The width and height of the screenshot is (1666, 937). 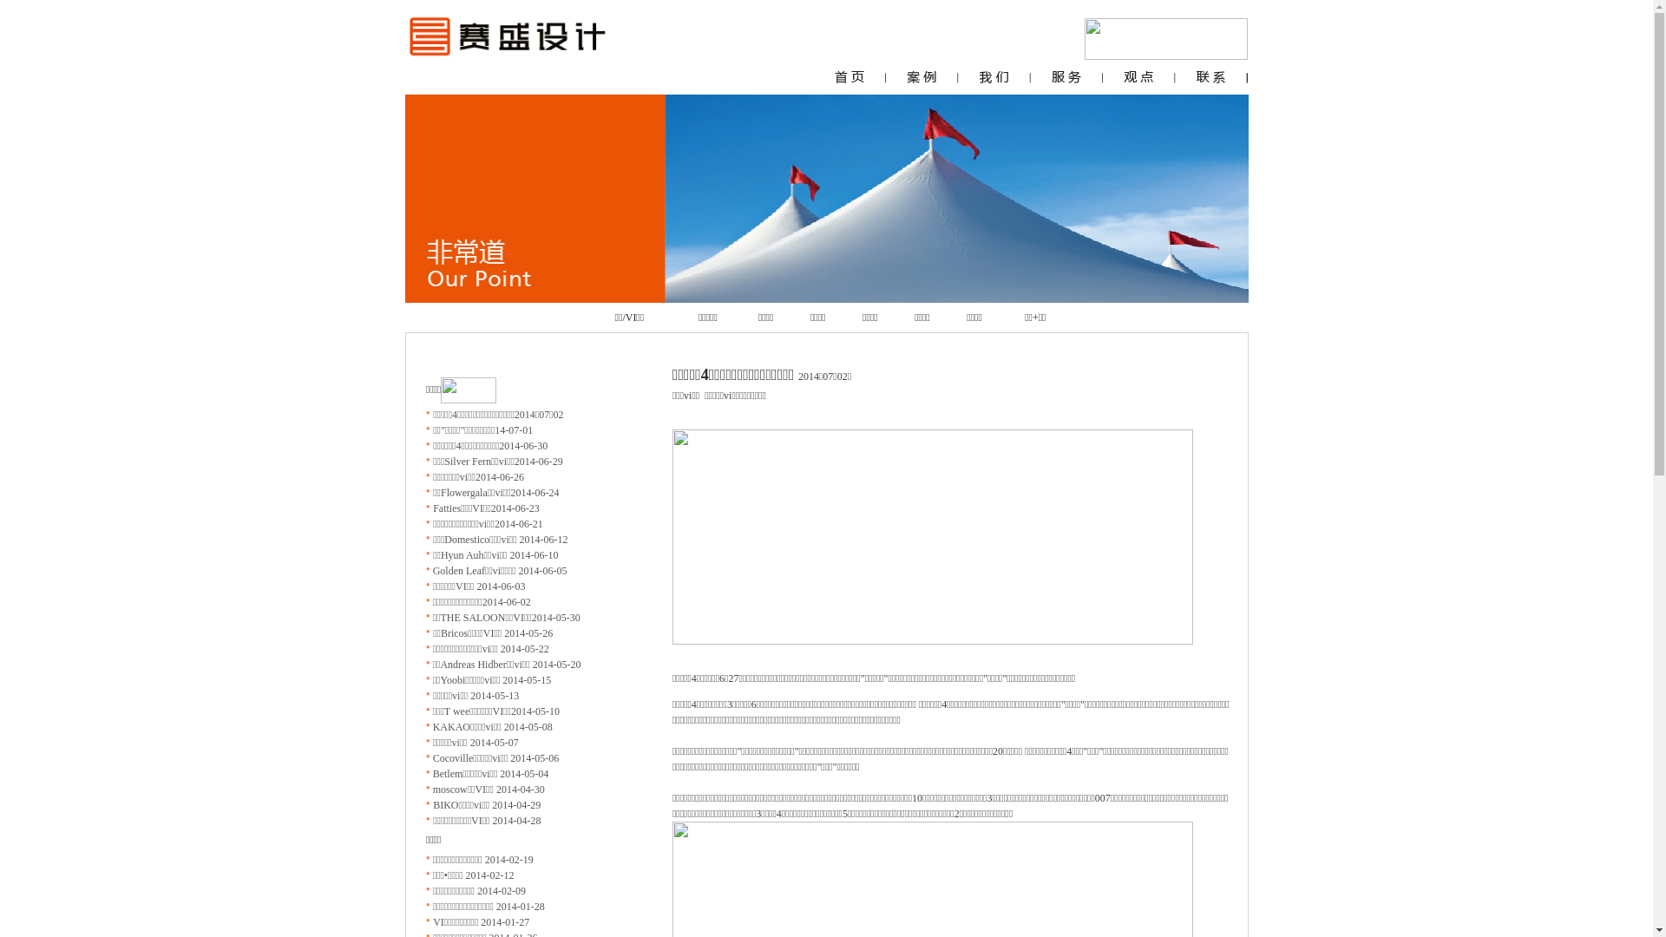 What do you see at coordinates (532, 757) in the screenshot?
I see `'2014-05-06'` at bounding box center [532, 757].